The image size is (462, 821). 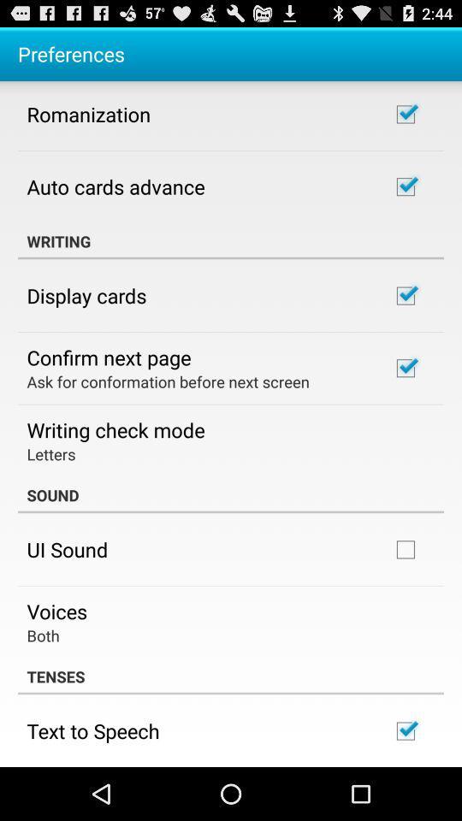 I want to click on the app below ask for conformation app, so click(x=115, y=428).